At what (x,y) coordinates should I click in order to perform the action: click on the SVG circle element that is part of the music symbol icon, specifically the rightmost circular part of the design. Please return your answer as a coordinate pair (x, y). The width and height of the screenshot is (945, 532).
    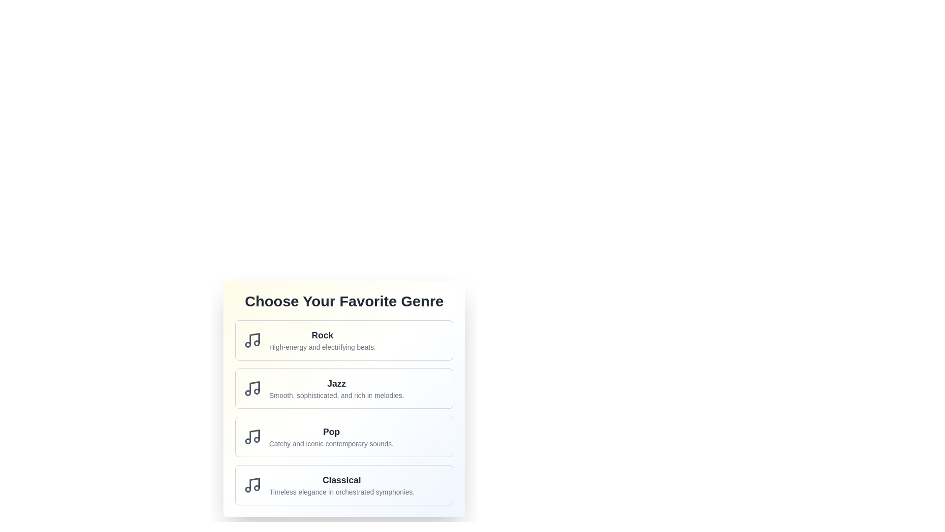
    Looking at the image, I should click on (257, 391).